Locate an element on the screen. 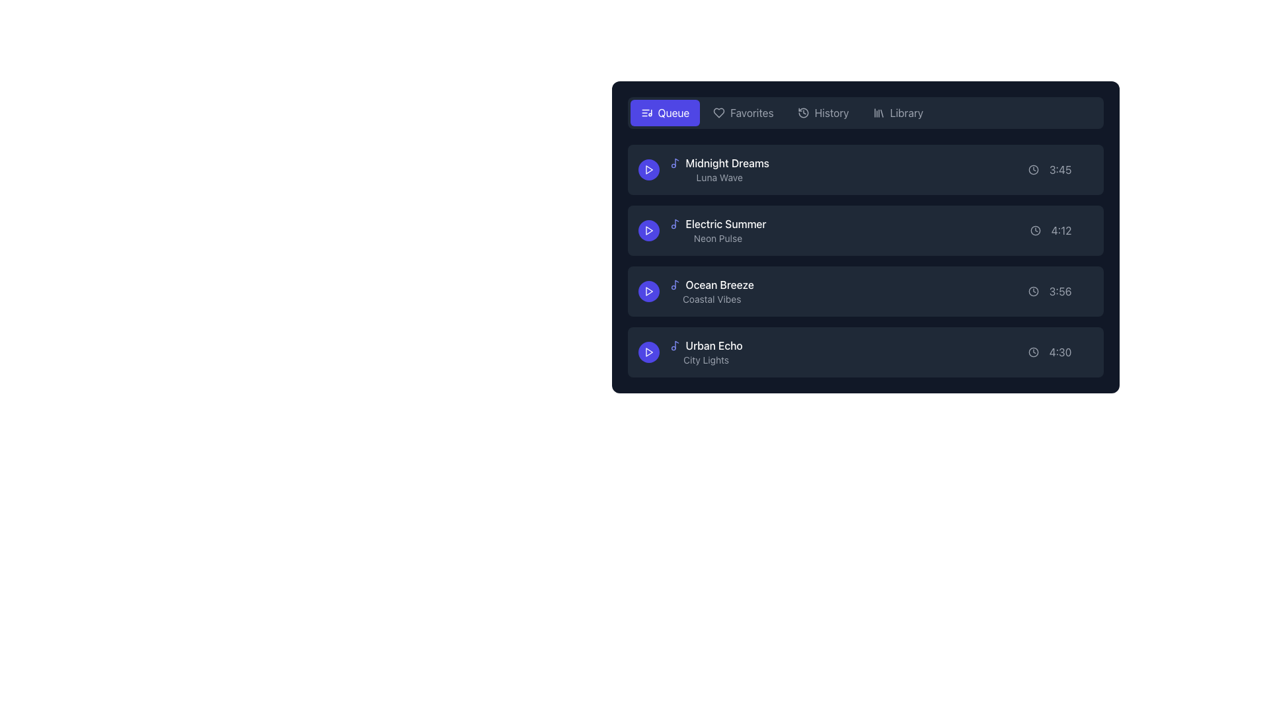 This screenshot has height=714, width=1269. the text label representing the first song in the vertical list of audio entries within the dark-themed panel is located at coordinates (718, 162).